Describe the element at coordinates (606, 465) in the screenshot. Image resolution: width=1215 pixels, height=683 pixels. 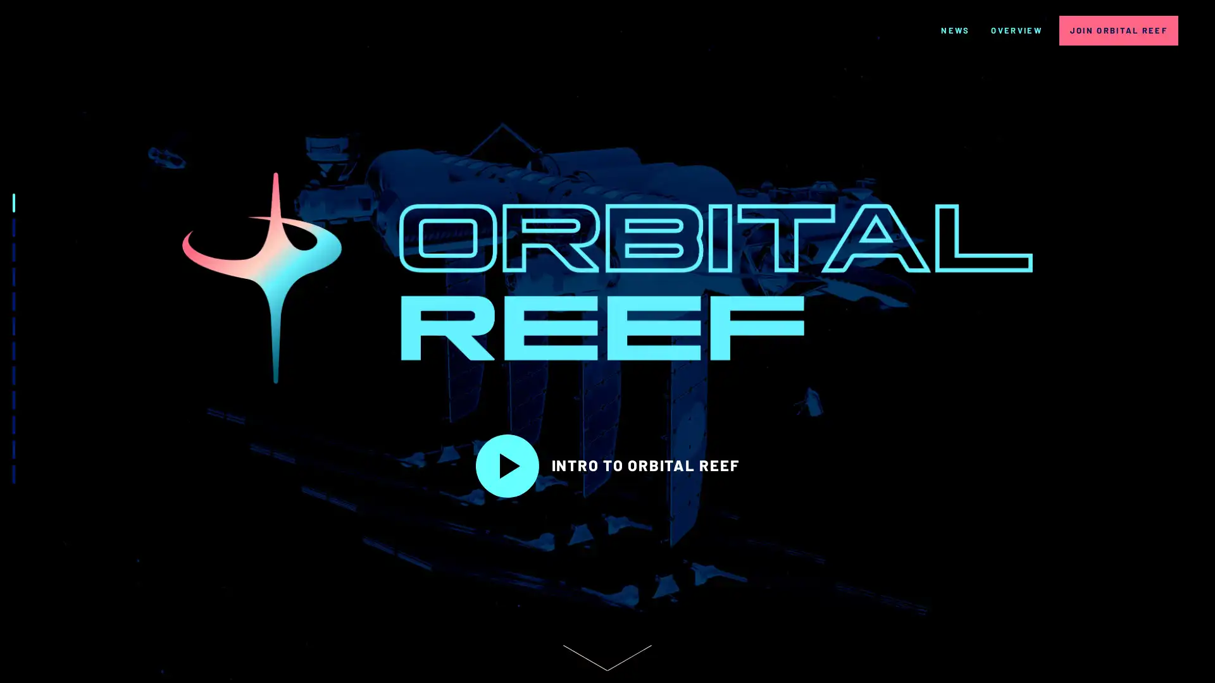
I see `INTRO TO ORBITAL REEF` at that location.